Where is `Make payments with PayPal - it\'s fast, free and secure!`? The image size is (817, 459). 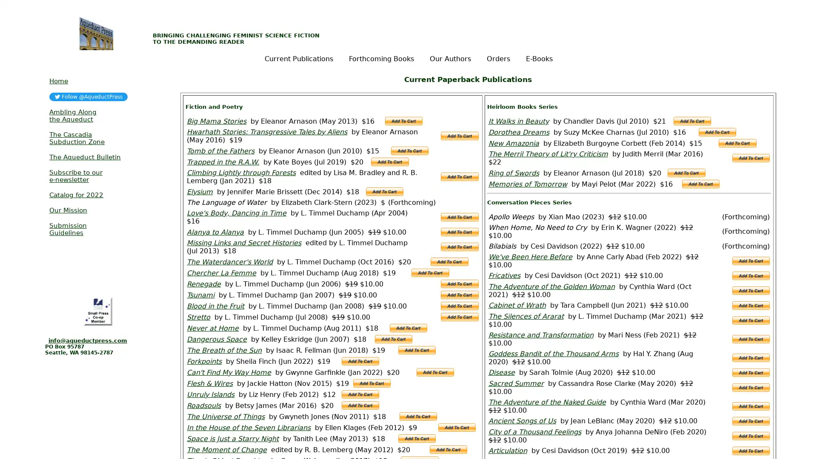
Make payments with PayPal - it\'s fast, free and secure! is located at coordinates (692, 121).